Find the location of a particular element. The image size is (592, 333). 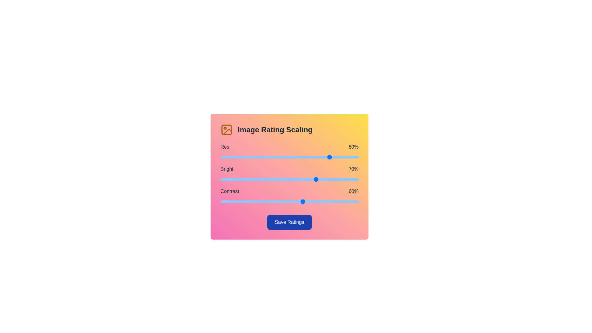

the contrast is located at coordinates (300, 202).